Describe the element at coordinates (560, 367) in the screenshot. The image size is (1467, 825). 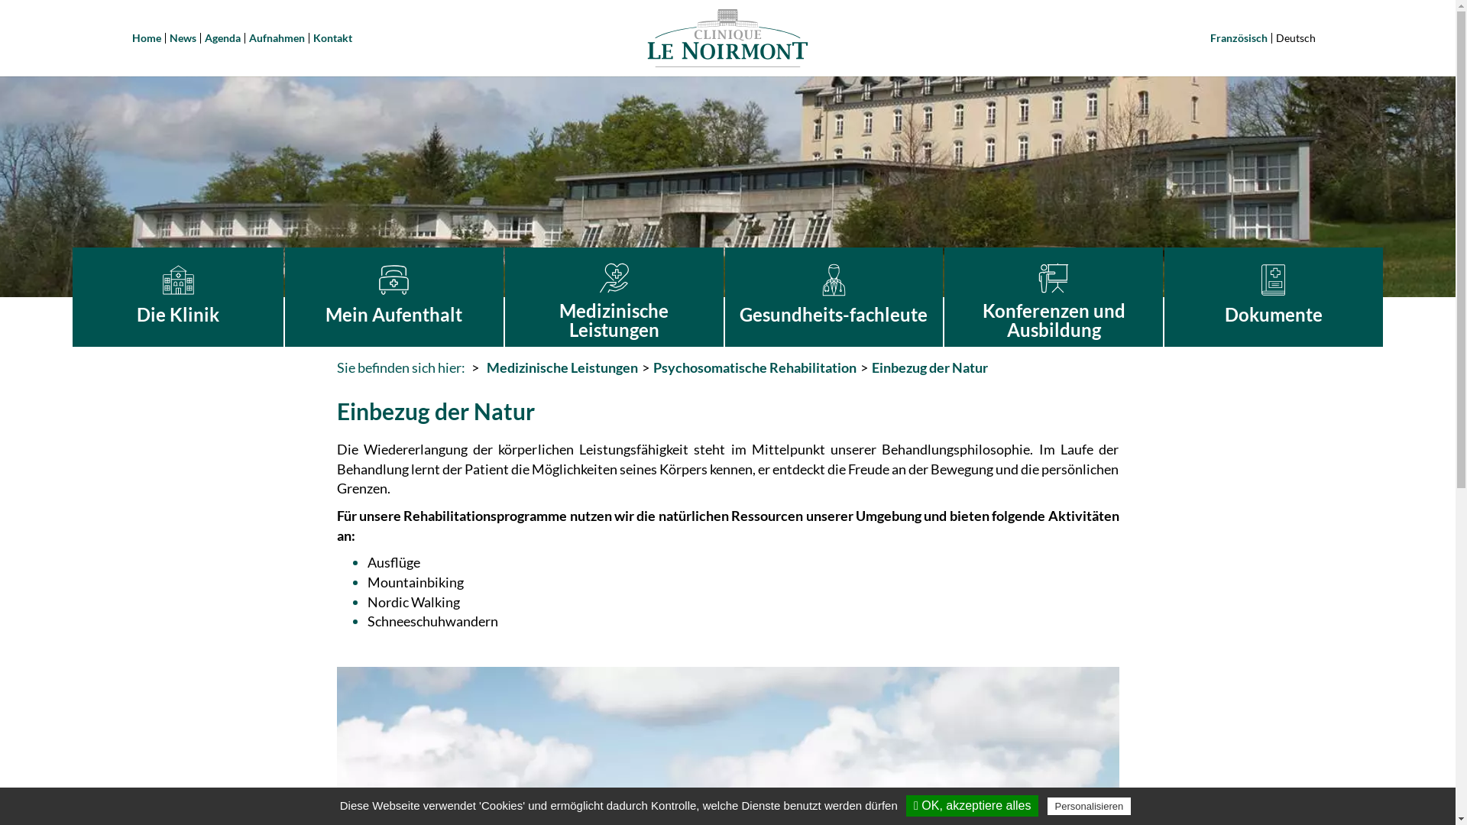
I see `'Medizinische Leistungen'` at that location.